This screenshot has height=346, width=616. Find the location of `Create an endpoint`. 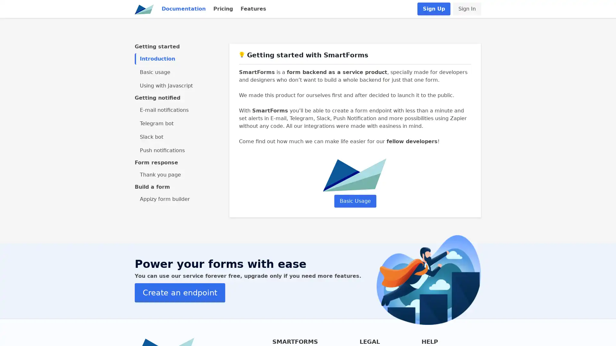

Create an endpoint is located at coordinates (180, 292).